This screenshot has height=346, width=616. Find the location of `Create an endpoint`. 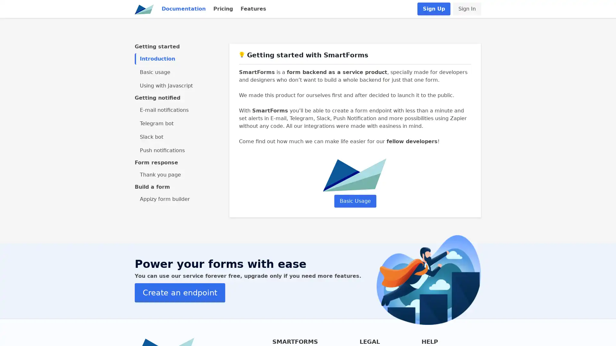

Create an endpoint is located at coordinates (180, 292).